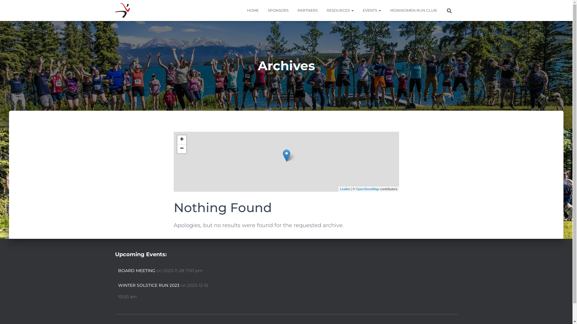  What do you see at coordinates (263, 10) in the screenshot?
I see `'SPONSORS'` at bounding box center [263, 10].